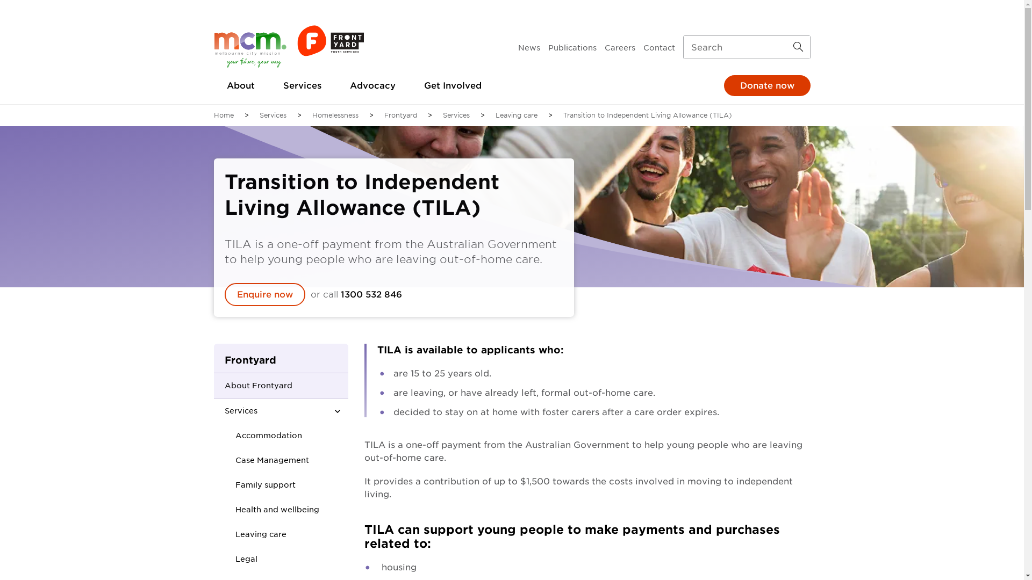 The width and height of the screenshot is (1032, 580). What do you see at coordinates (642, 47) in the screenshot?
I see `'Contact'` at bounding box center [642, 47].